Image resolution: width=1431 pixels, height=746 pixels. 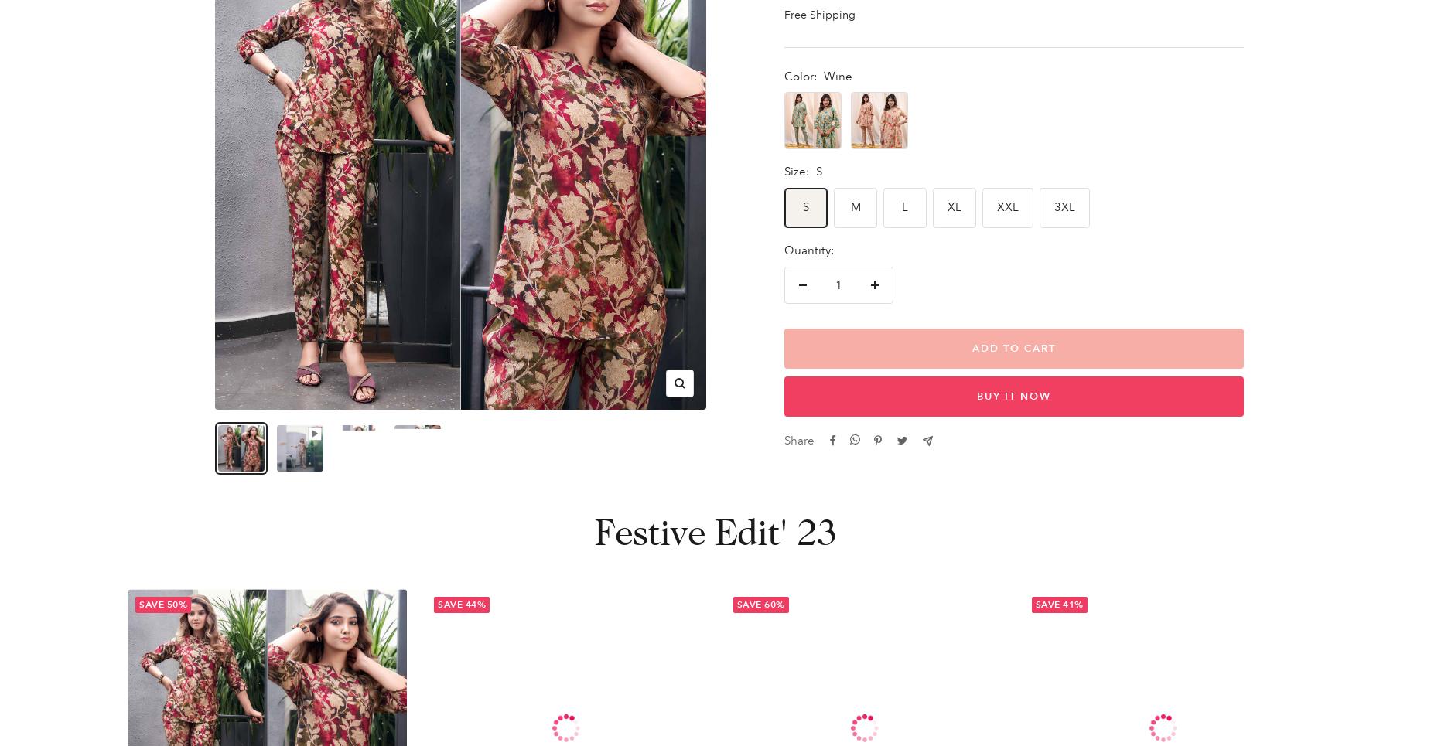 I want to click on 'Quantity:', so click(x=783, y=250).